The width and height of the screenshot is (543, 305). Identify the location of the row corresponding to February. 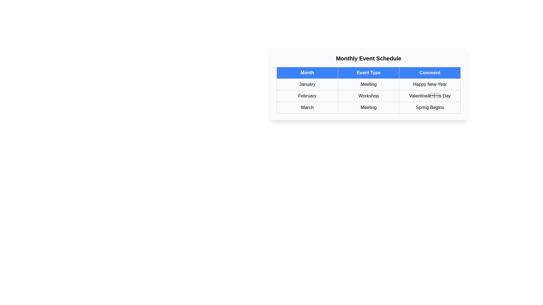
(369, 95).